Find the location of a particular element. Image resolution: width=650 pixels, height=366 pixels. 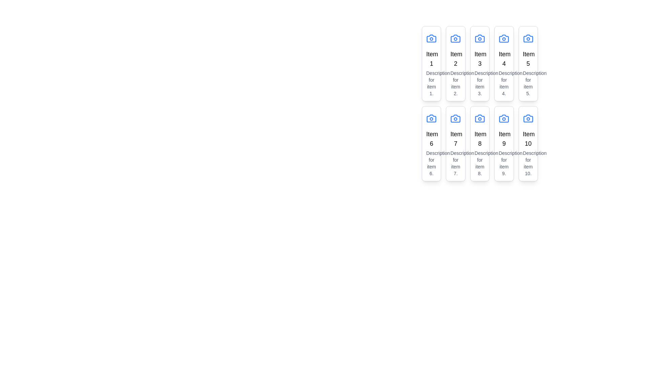

the camera icon located in the seventh item of a grid layout, which features a rectangular body, rounded corners, a lens protrusion, and a handle-like structure, all styled in monochrome blue is located at coordinates (456, 118).